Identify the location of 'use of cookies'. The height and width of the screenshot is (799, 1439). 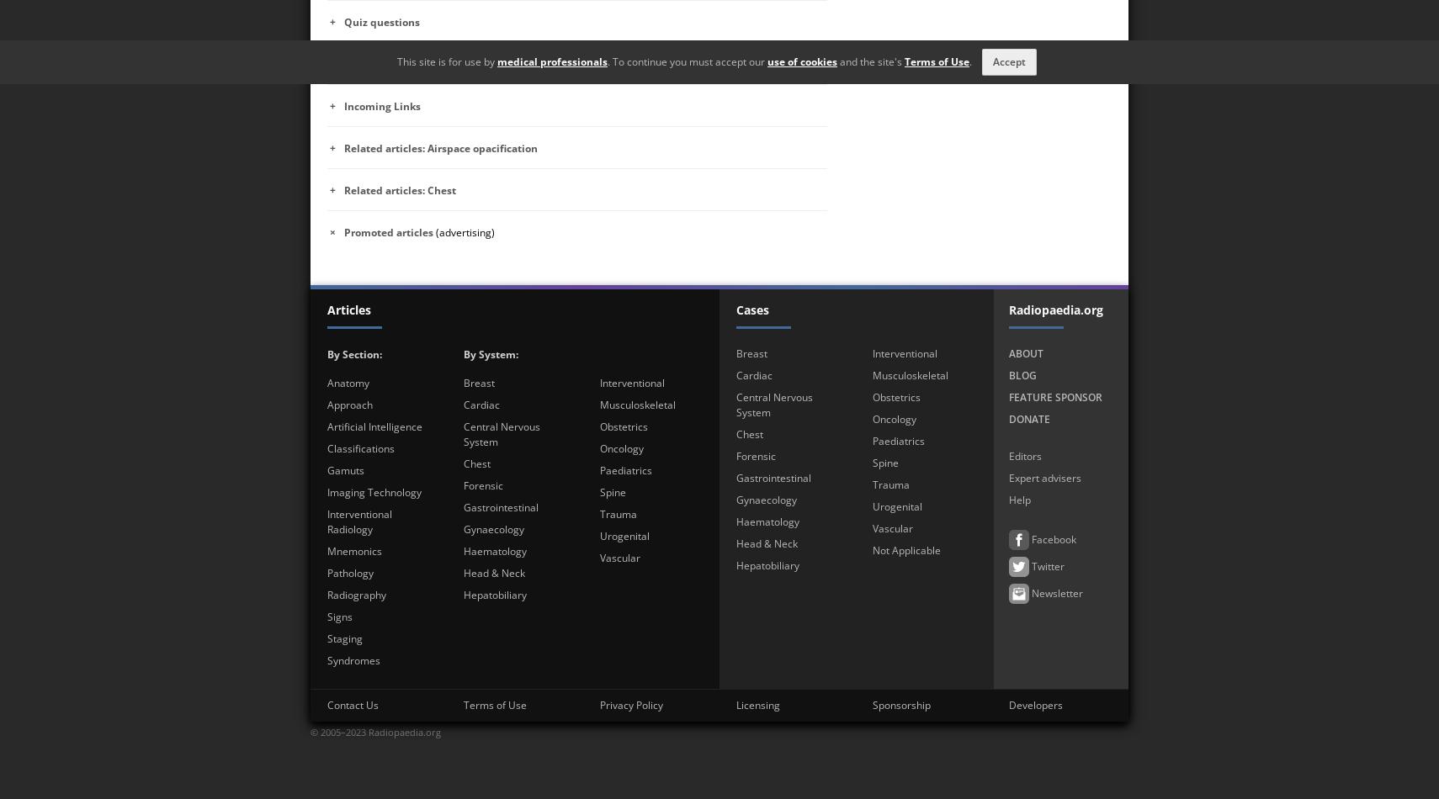
(801, 61).